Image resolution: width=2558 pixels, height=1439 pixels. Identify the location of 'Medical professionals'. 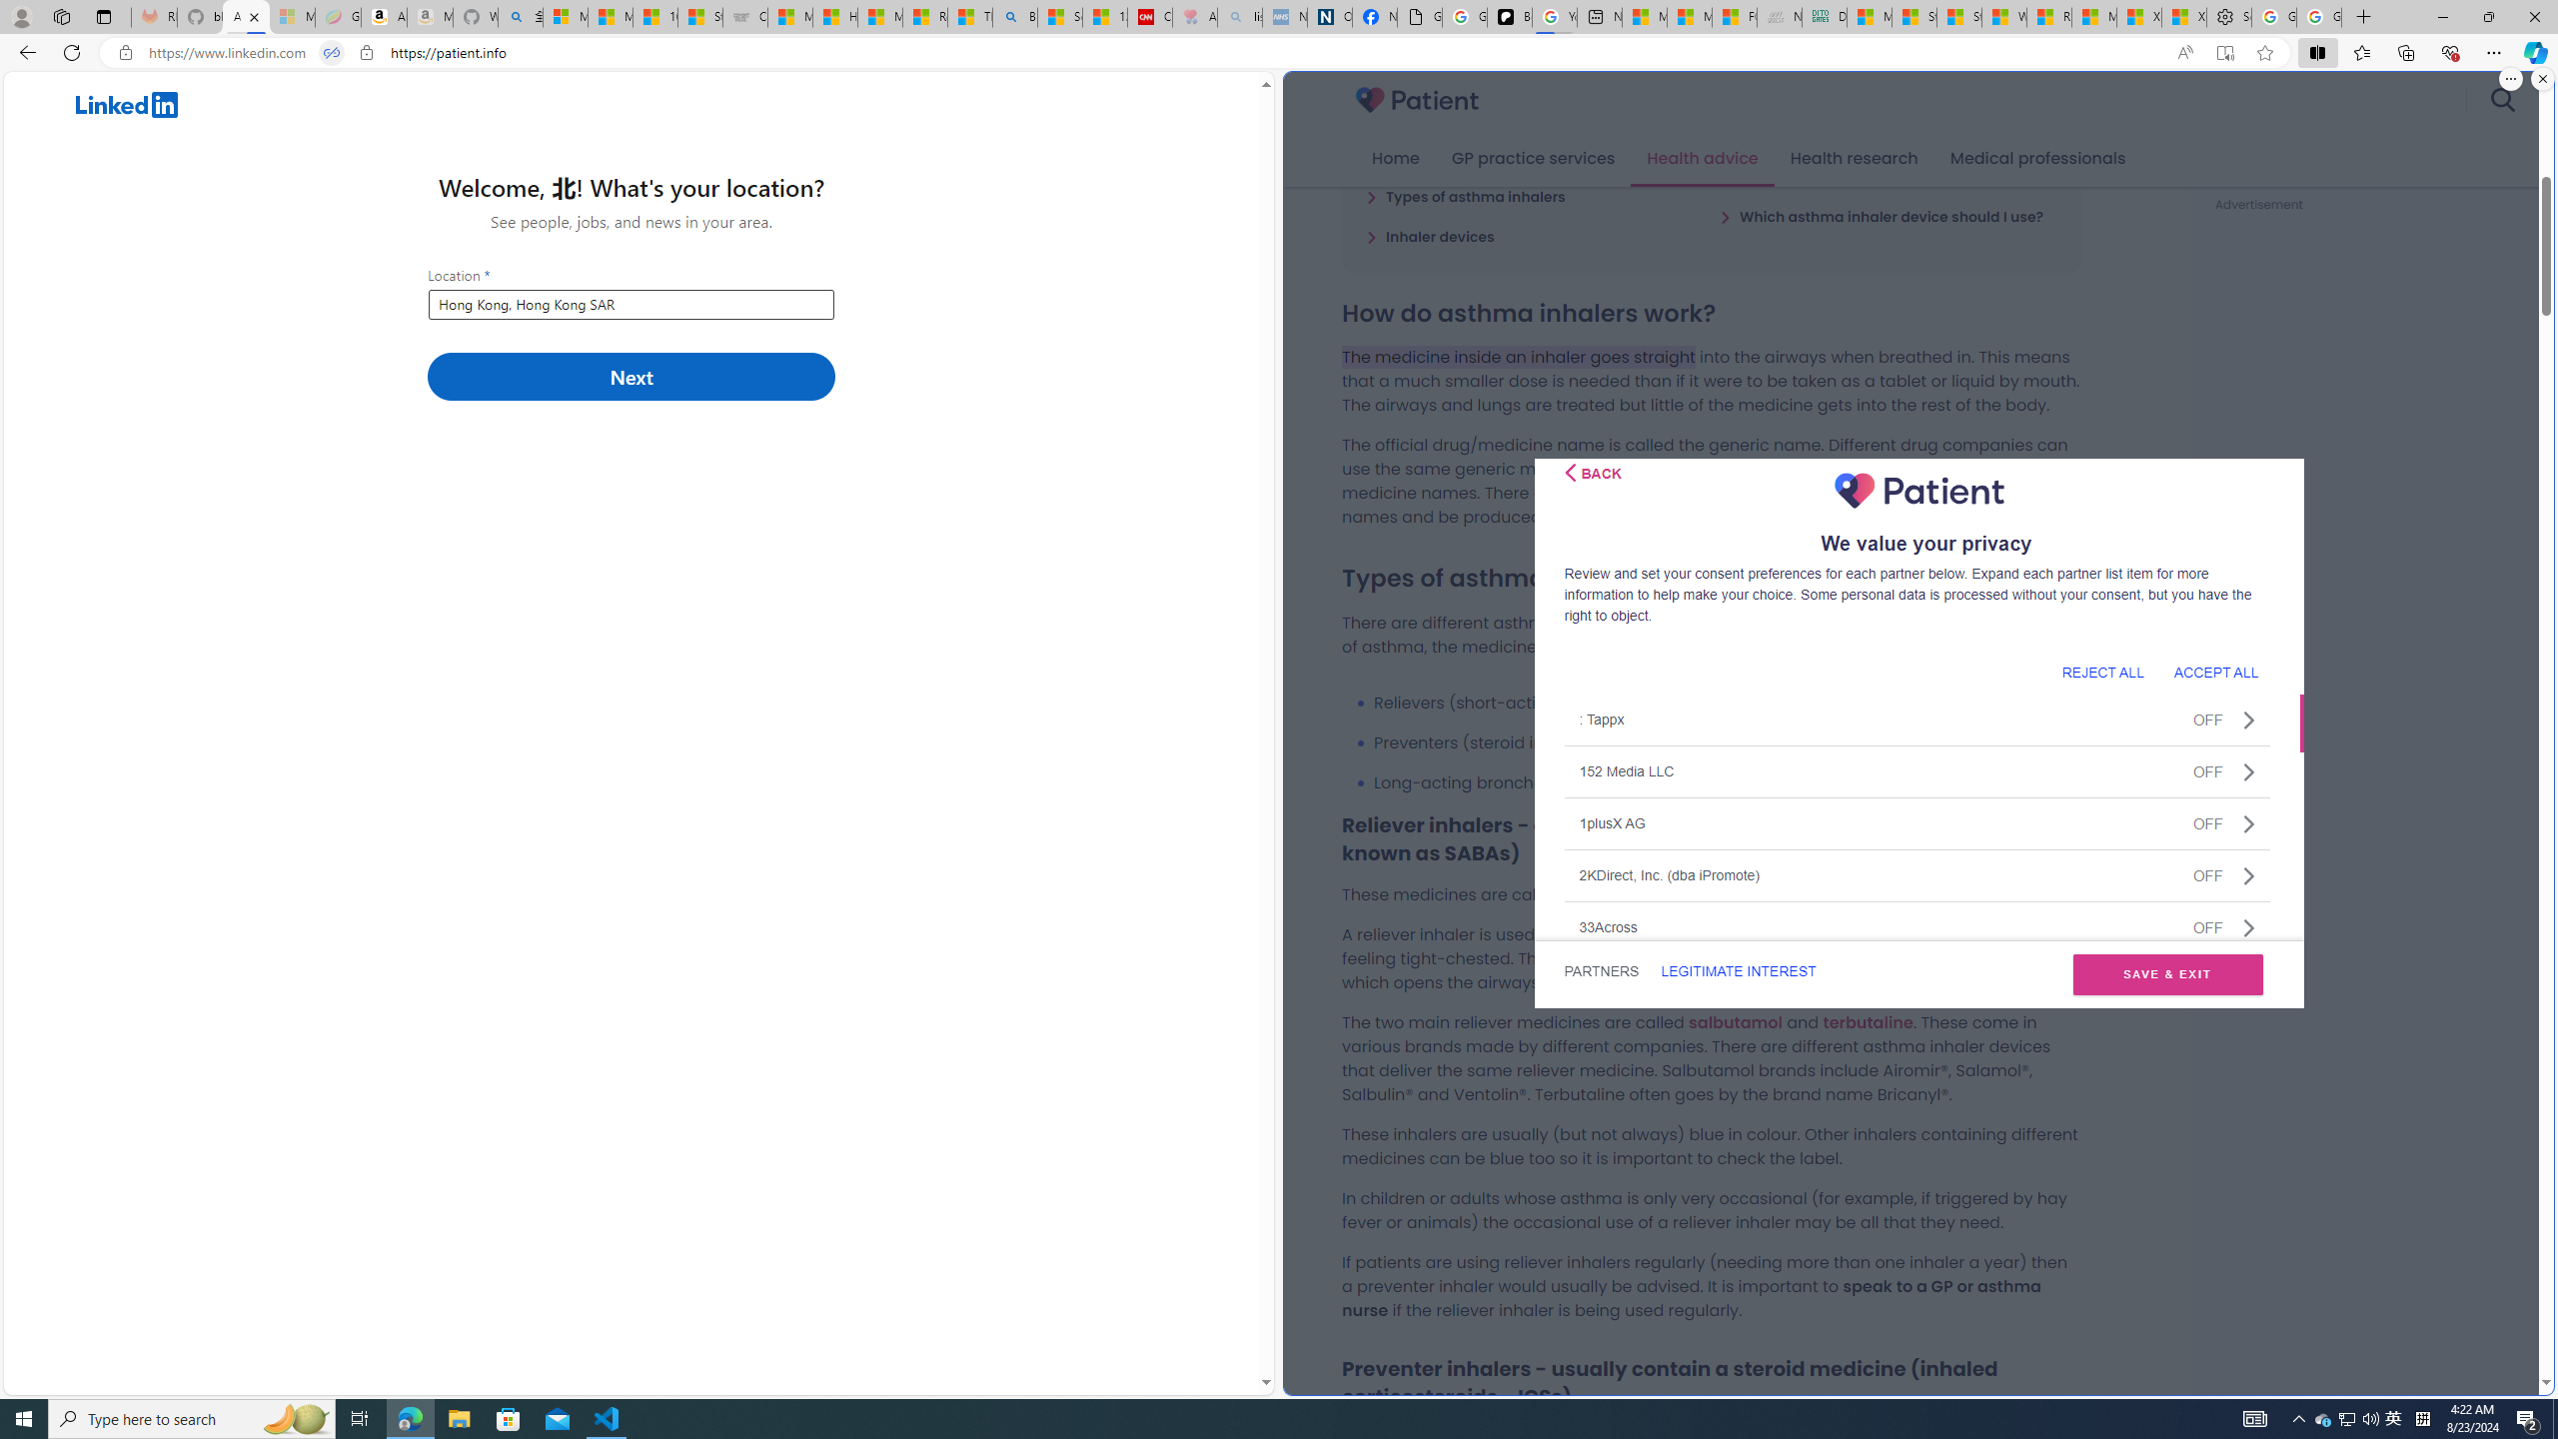
(2037, 158).